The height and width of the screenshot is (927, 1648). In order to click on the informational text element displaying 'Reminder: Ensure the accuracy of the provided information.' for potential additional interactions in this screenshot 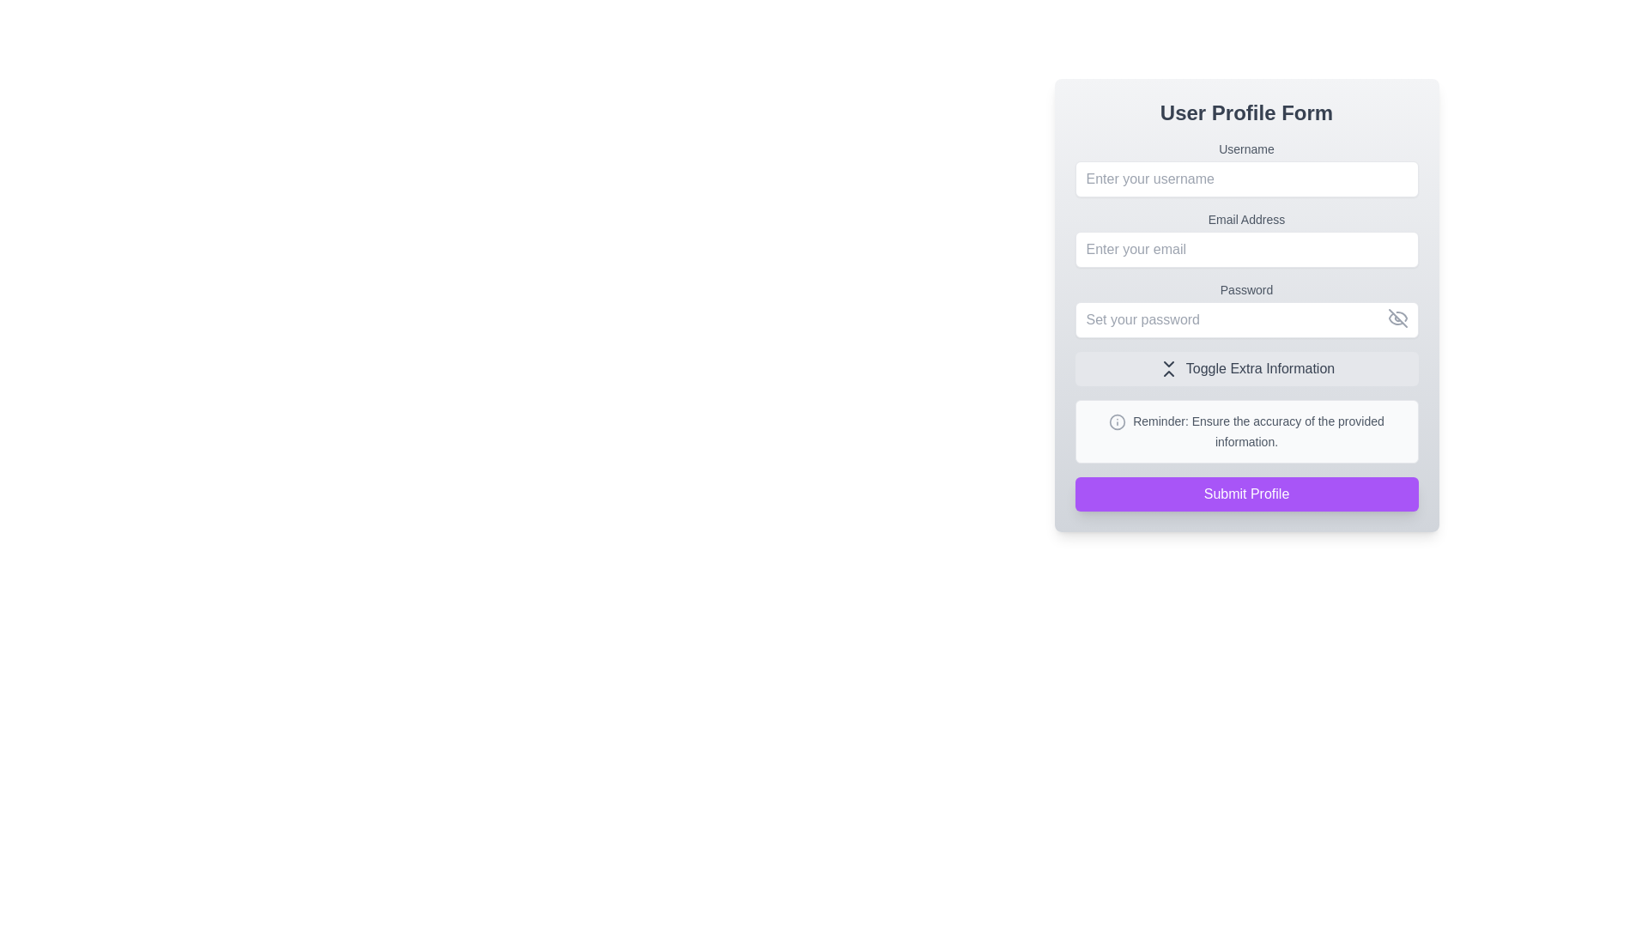, I will do `click(1258, 430)`.